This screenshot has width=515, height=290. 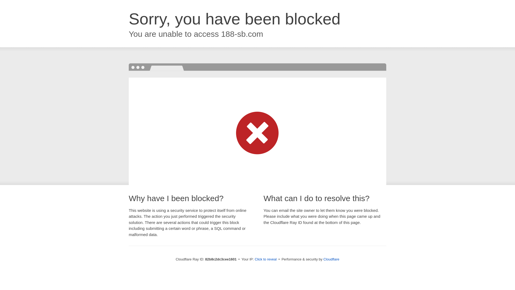 I want to click on 'Cloudflare', so click(x=331, y=259).